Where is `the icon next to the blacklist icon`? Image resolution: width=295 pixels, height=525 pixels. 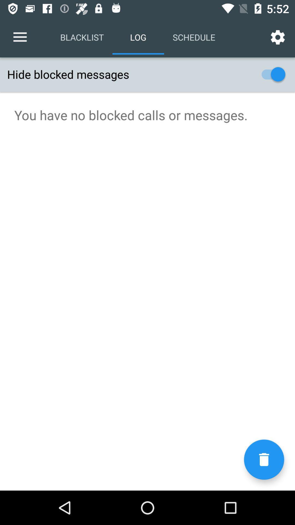
the icon next to the blacklist icon is located at coordinates (20, 37).